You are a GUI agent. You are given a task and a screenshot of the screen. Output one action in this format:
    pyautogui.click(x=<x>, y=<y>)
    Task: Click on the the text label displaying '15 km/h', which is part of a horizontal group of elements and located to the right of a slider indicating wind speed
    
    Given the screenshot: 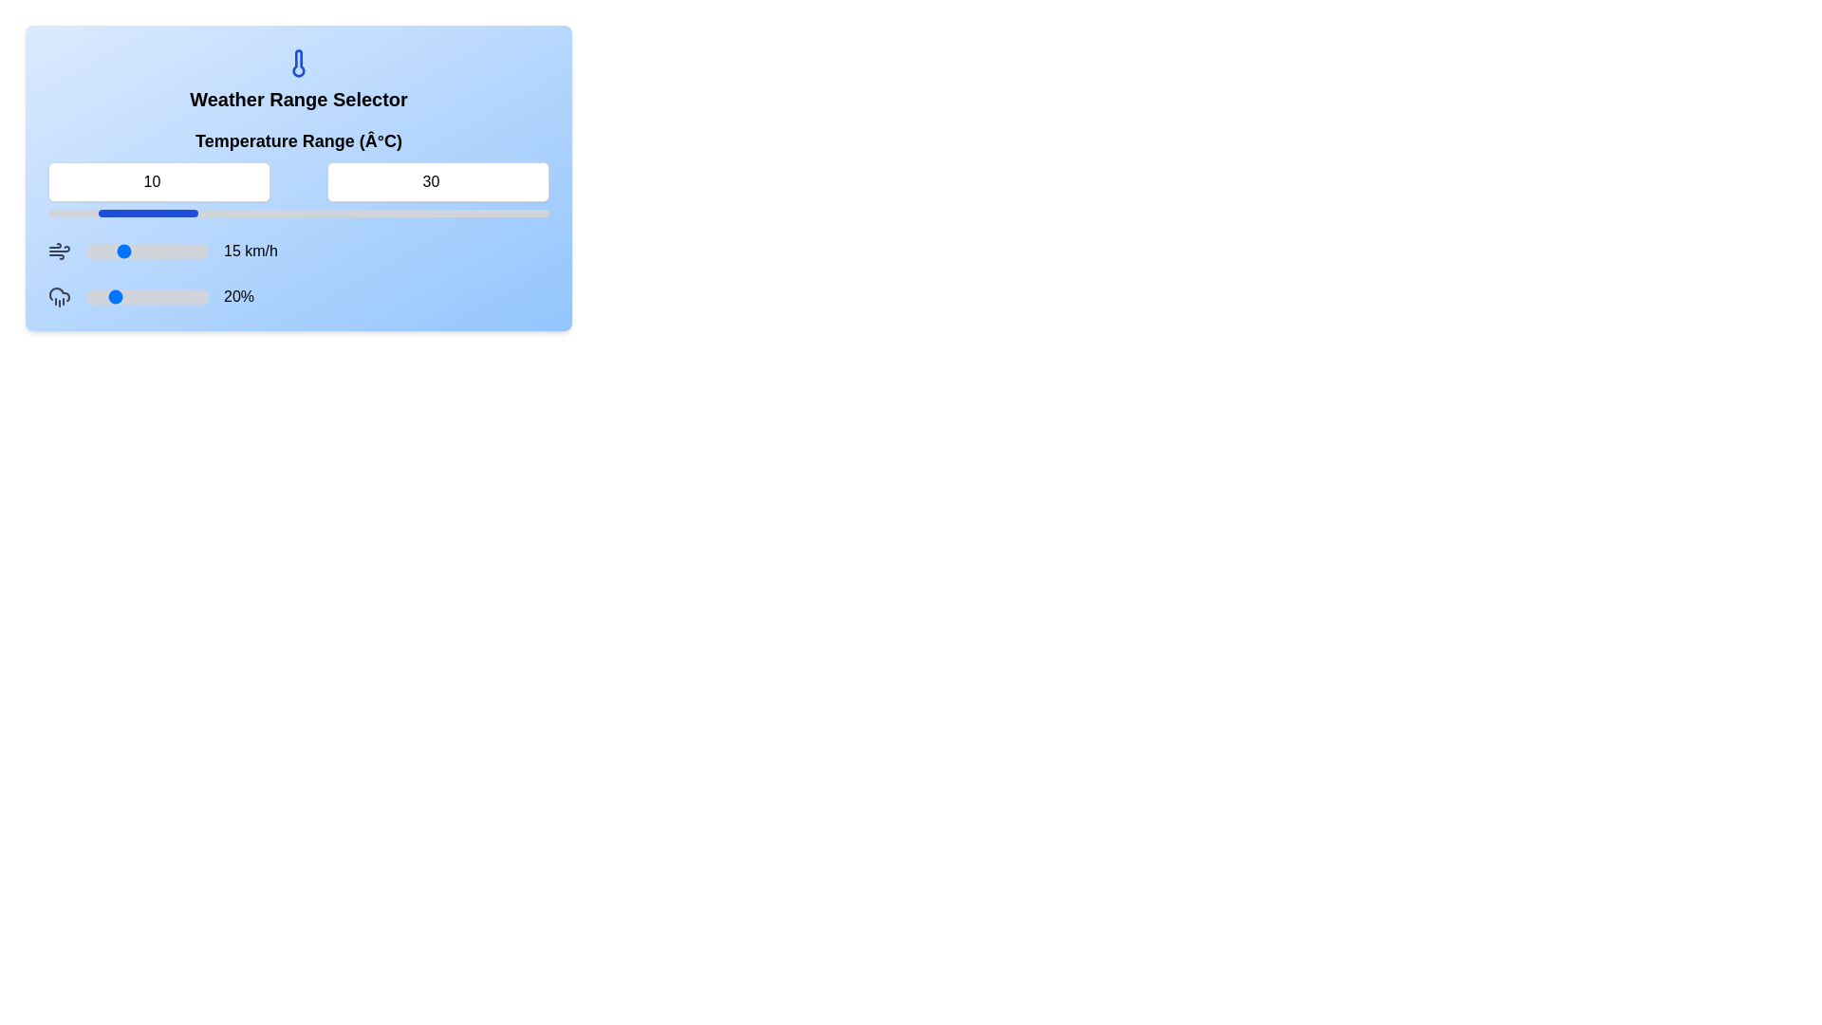 What is the action you would take?
    pyautogui.click(x=250, y=251)
    